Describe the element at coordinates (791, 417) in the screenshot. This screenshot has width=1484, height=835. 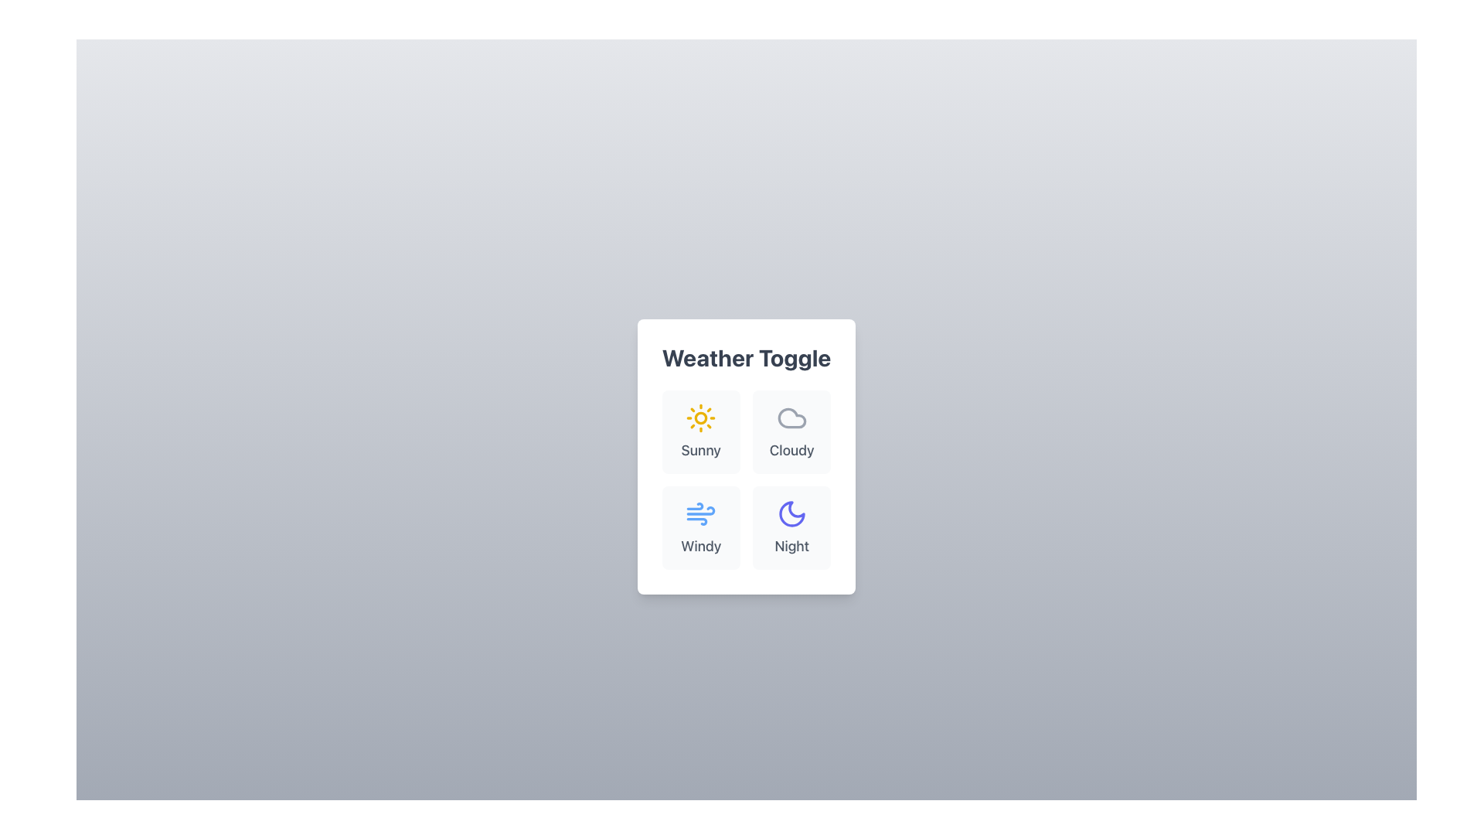
I see `the 'Cloudy' weather icon in the weather toggle grid, positioned in the second cell above the label 'Cloudy'` at that location.